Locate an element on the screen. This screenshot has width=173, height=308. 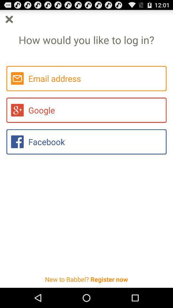
the close icon is located at coordinates (9, 21).